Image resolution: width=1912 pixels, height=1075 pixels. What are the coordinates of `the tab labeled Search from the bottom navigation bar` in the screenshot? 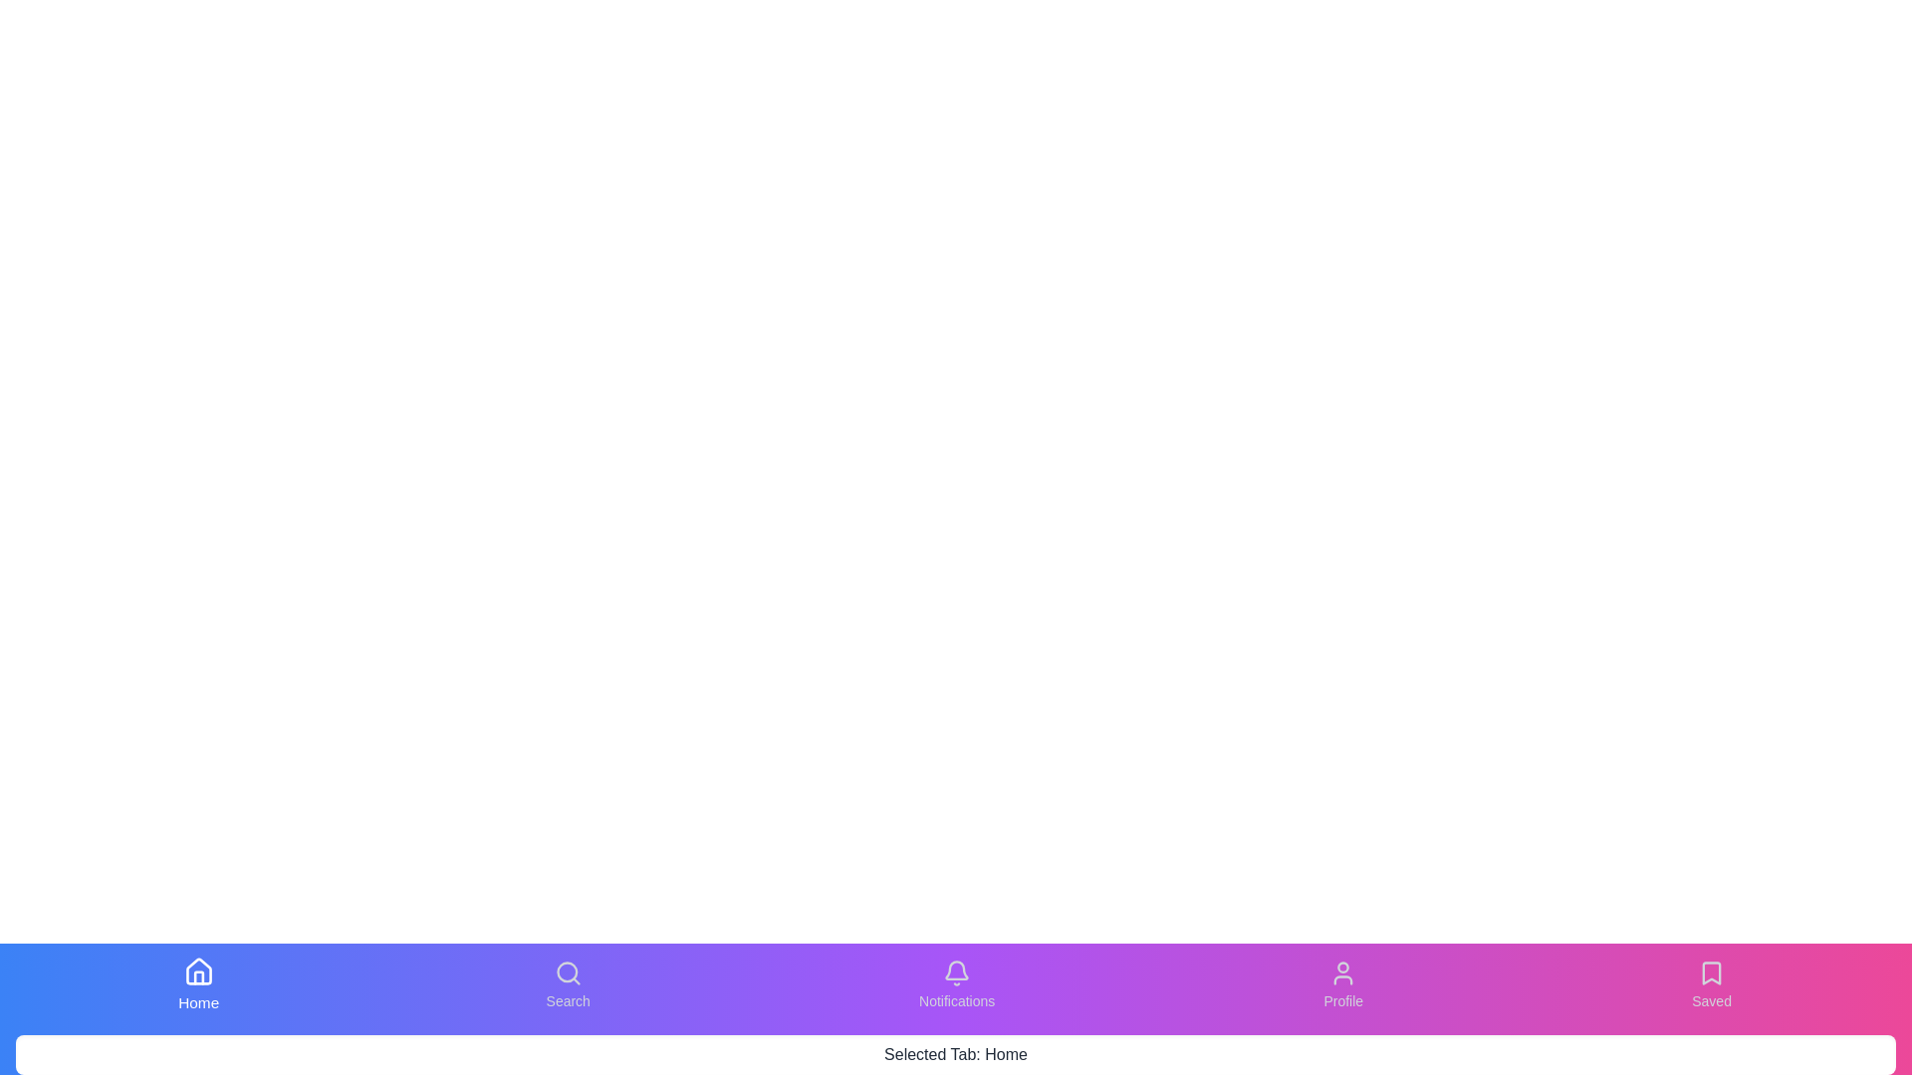 It's located at (567, 985).